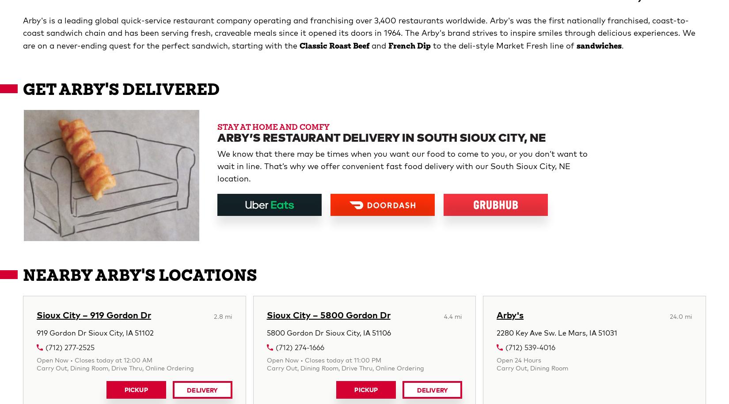  What do you see at coordinates (95, 25) in the screenshot?
I see `'919 Gordon Dr  Sioux City, IA 51102'` at bounding box center [95, 25].